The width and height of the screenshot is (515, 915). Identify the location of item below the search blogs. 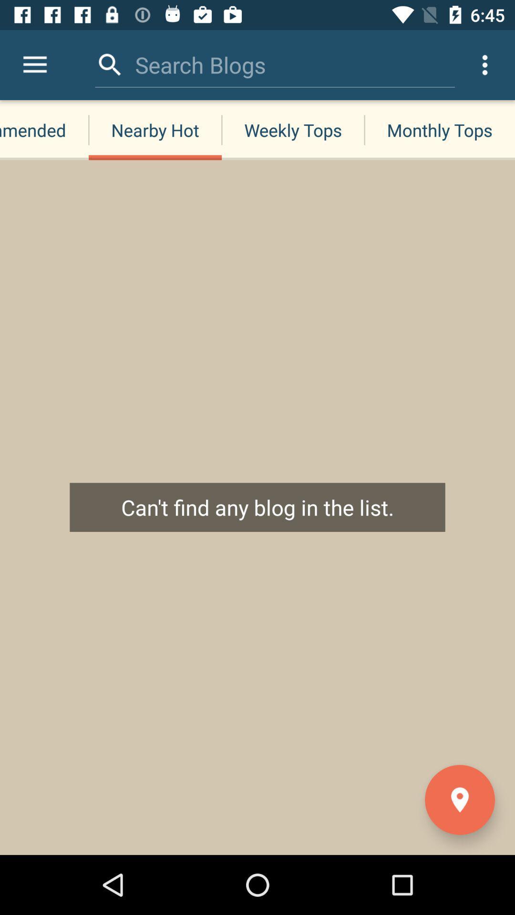
(292, 130).